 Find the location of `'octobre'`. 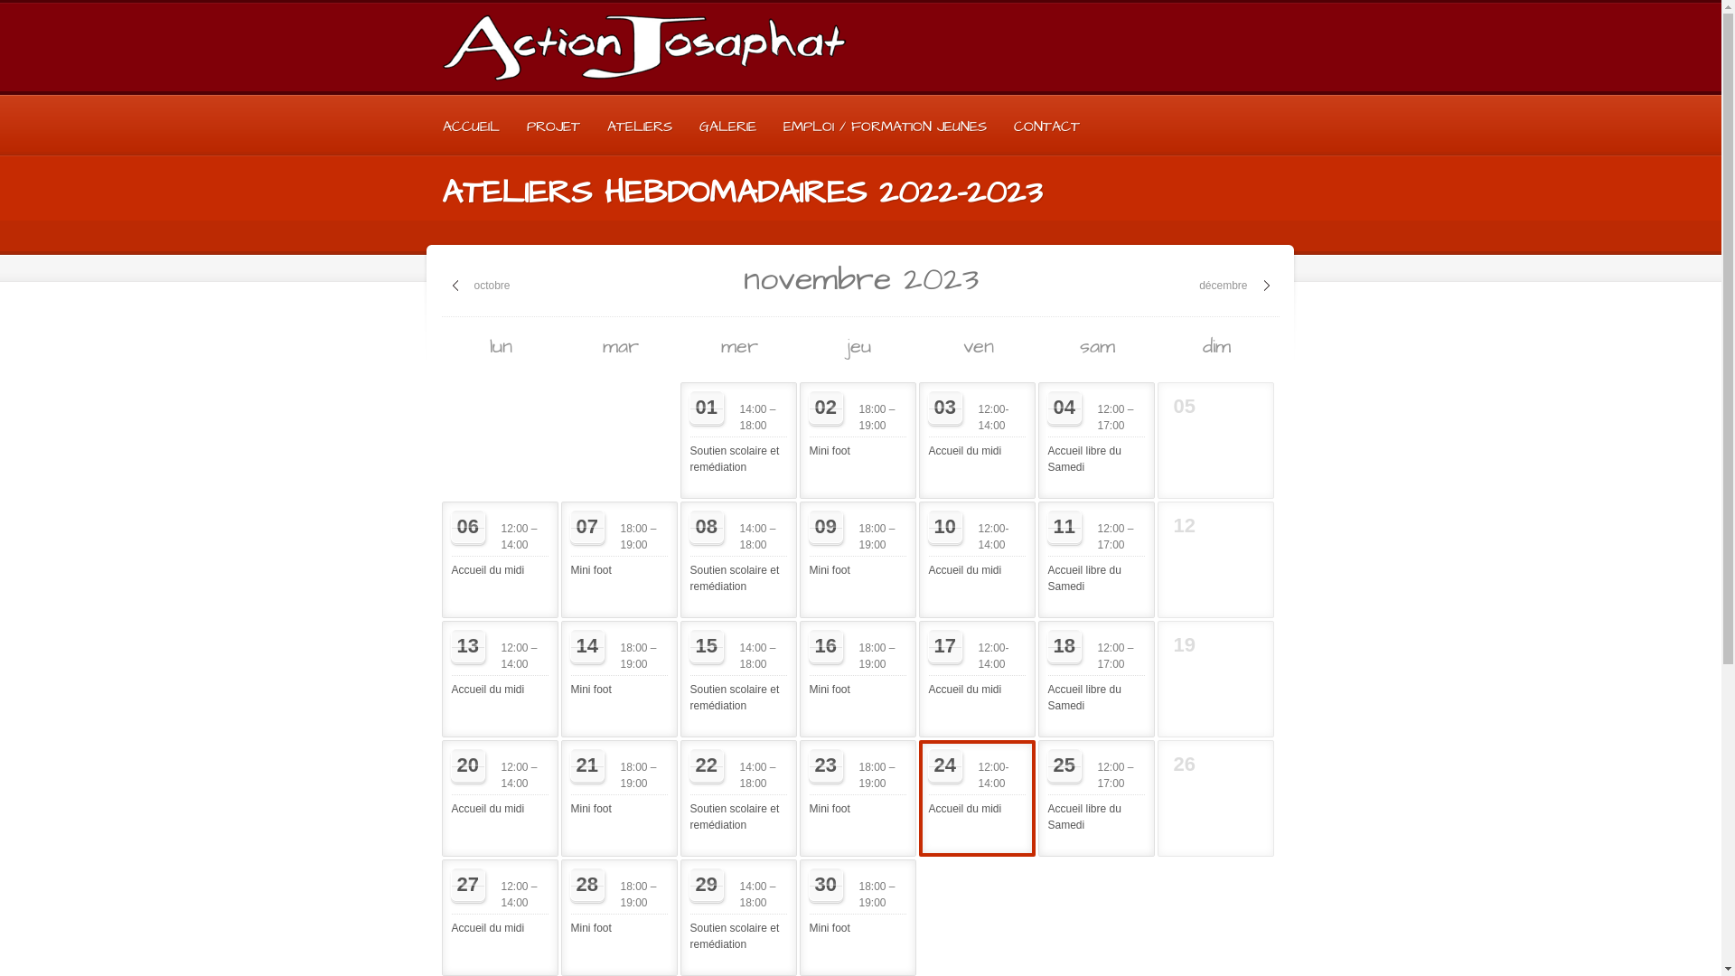

'octobre' is located at coordinates (481, 285).